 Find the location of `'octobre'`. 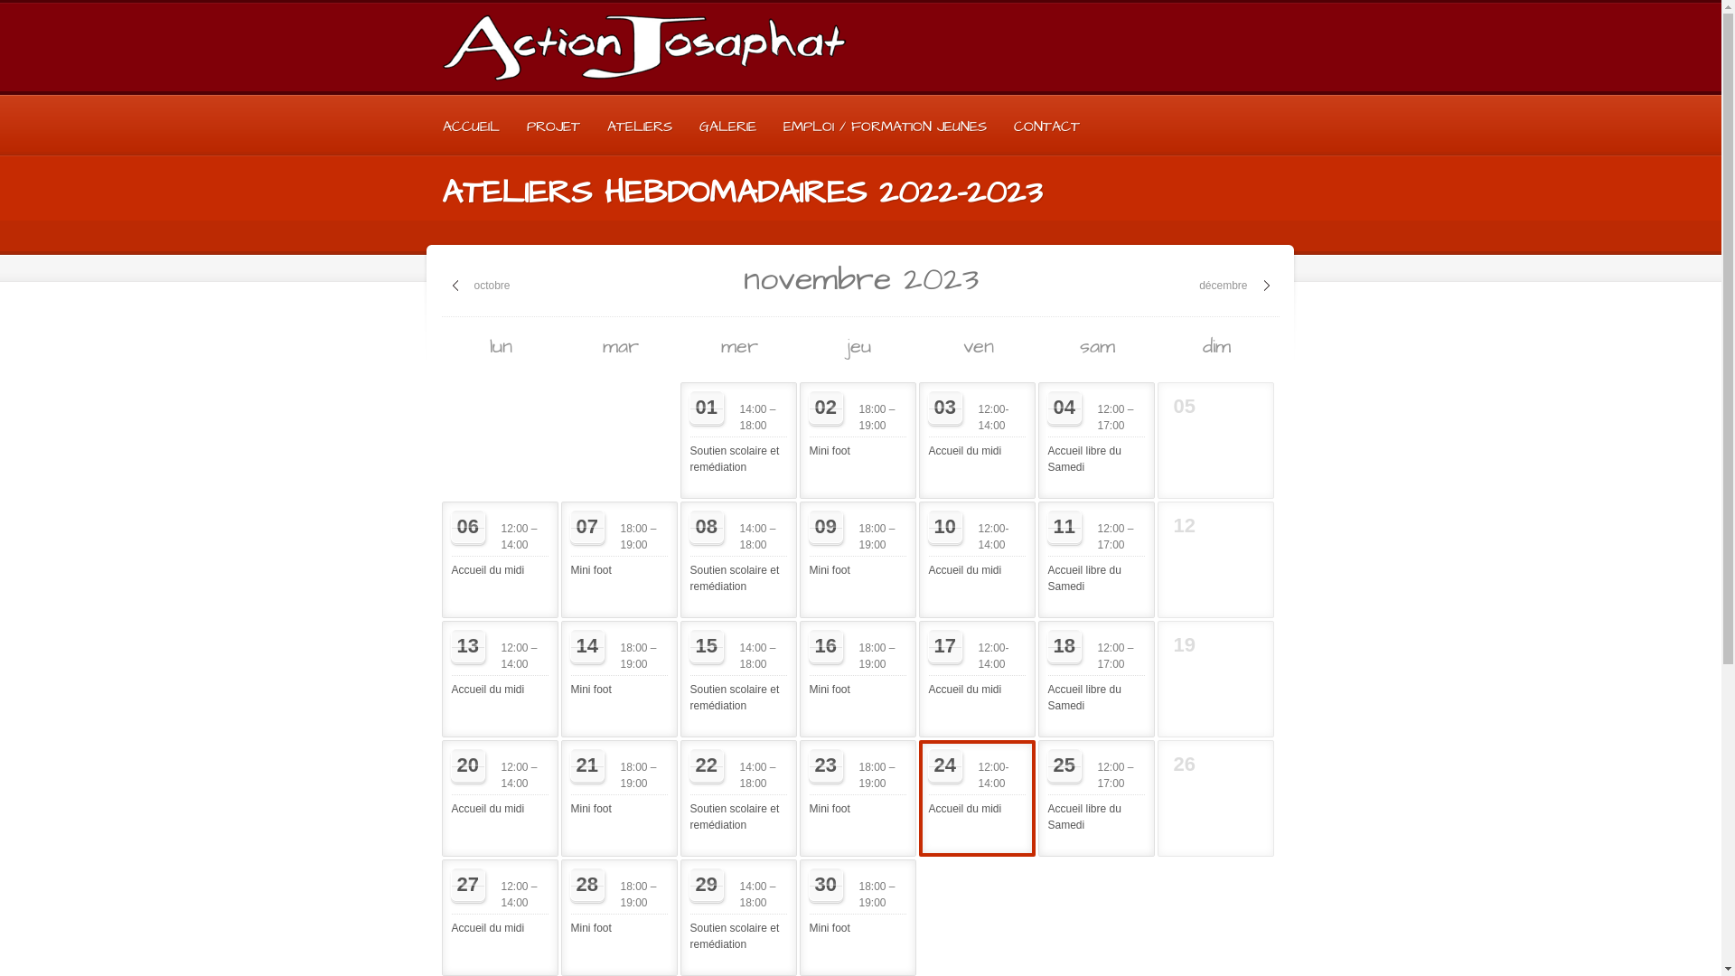

'octobre' is located at coordinates (481, 285).